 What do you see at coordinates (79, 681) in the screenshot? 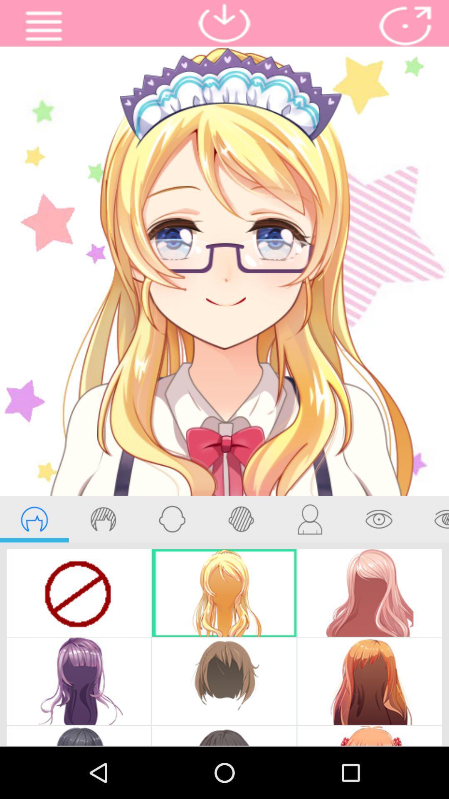
I see `first hair image in the second row` at bounding box center [79, 681].